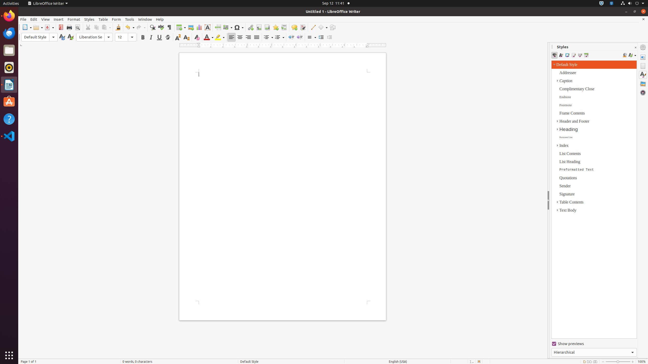 The width and height of the screenshot is (648, 364). Describe the element at coordinates (594, 199) in the screenshot. I see `'Style List'` at that location.